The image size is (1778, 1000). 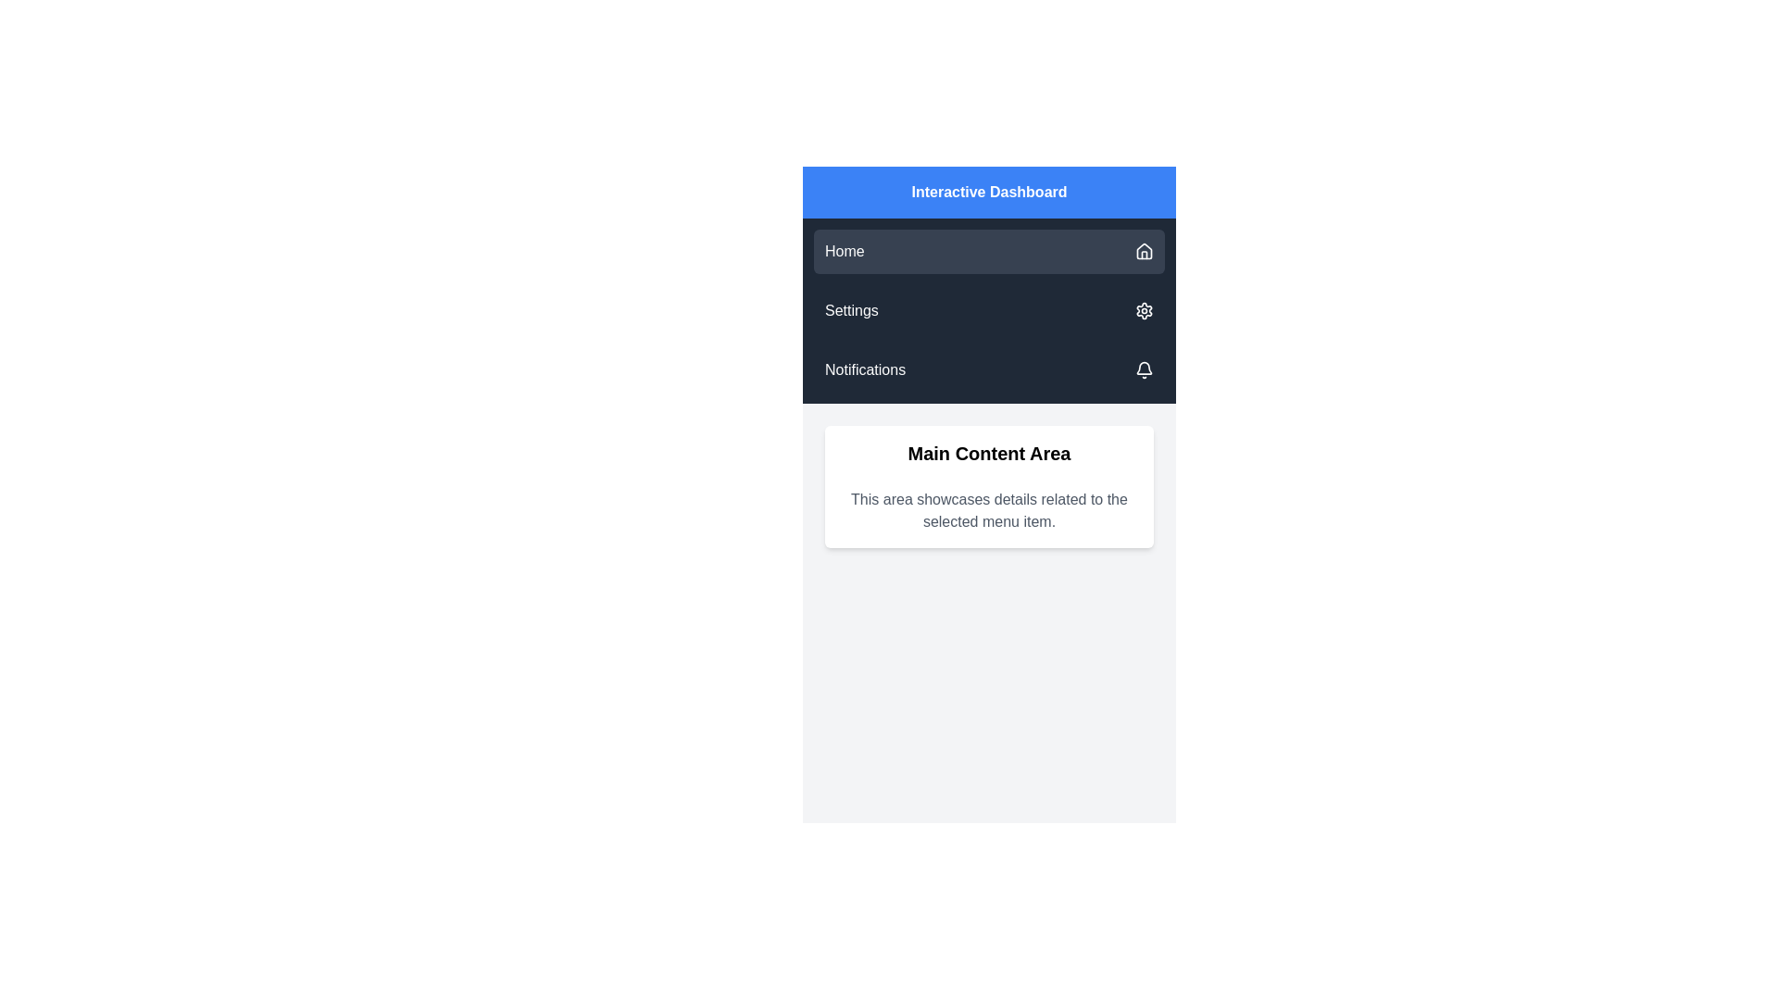 I want to click on the bell icon located to the right of the 'Notifications' menu item in the vertical navigation menu, so click(x=1144, y=370).